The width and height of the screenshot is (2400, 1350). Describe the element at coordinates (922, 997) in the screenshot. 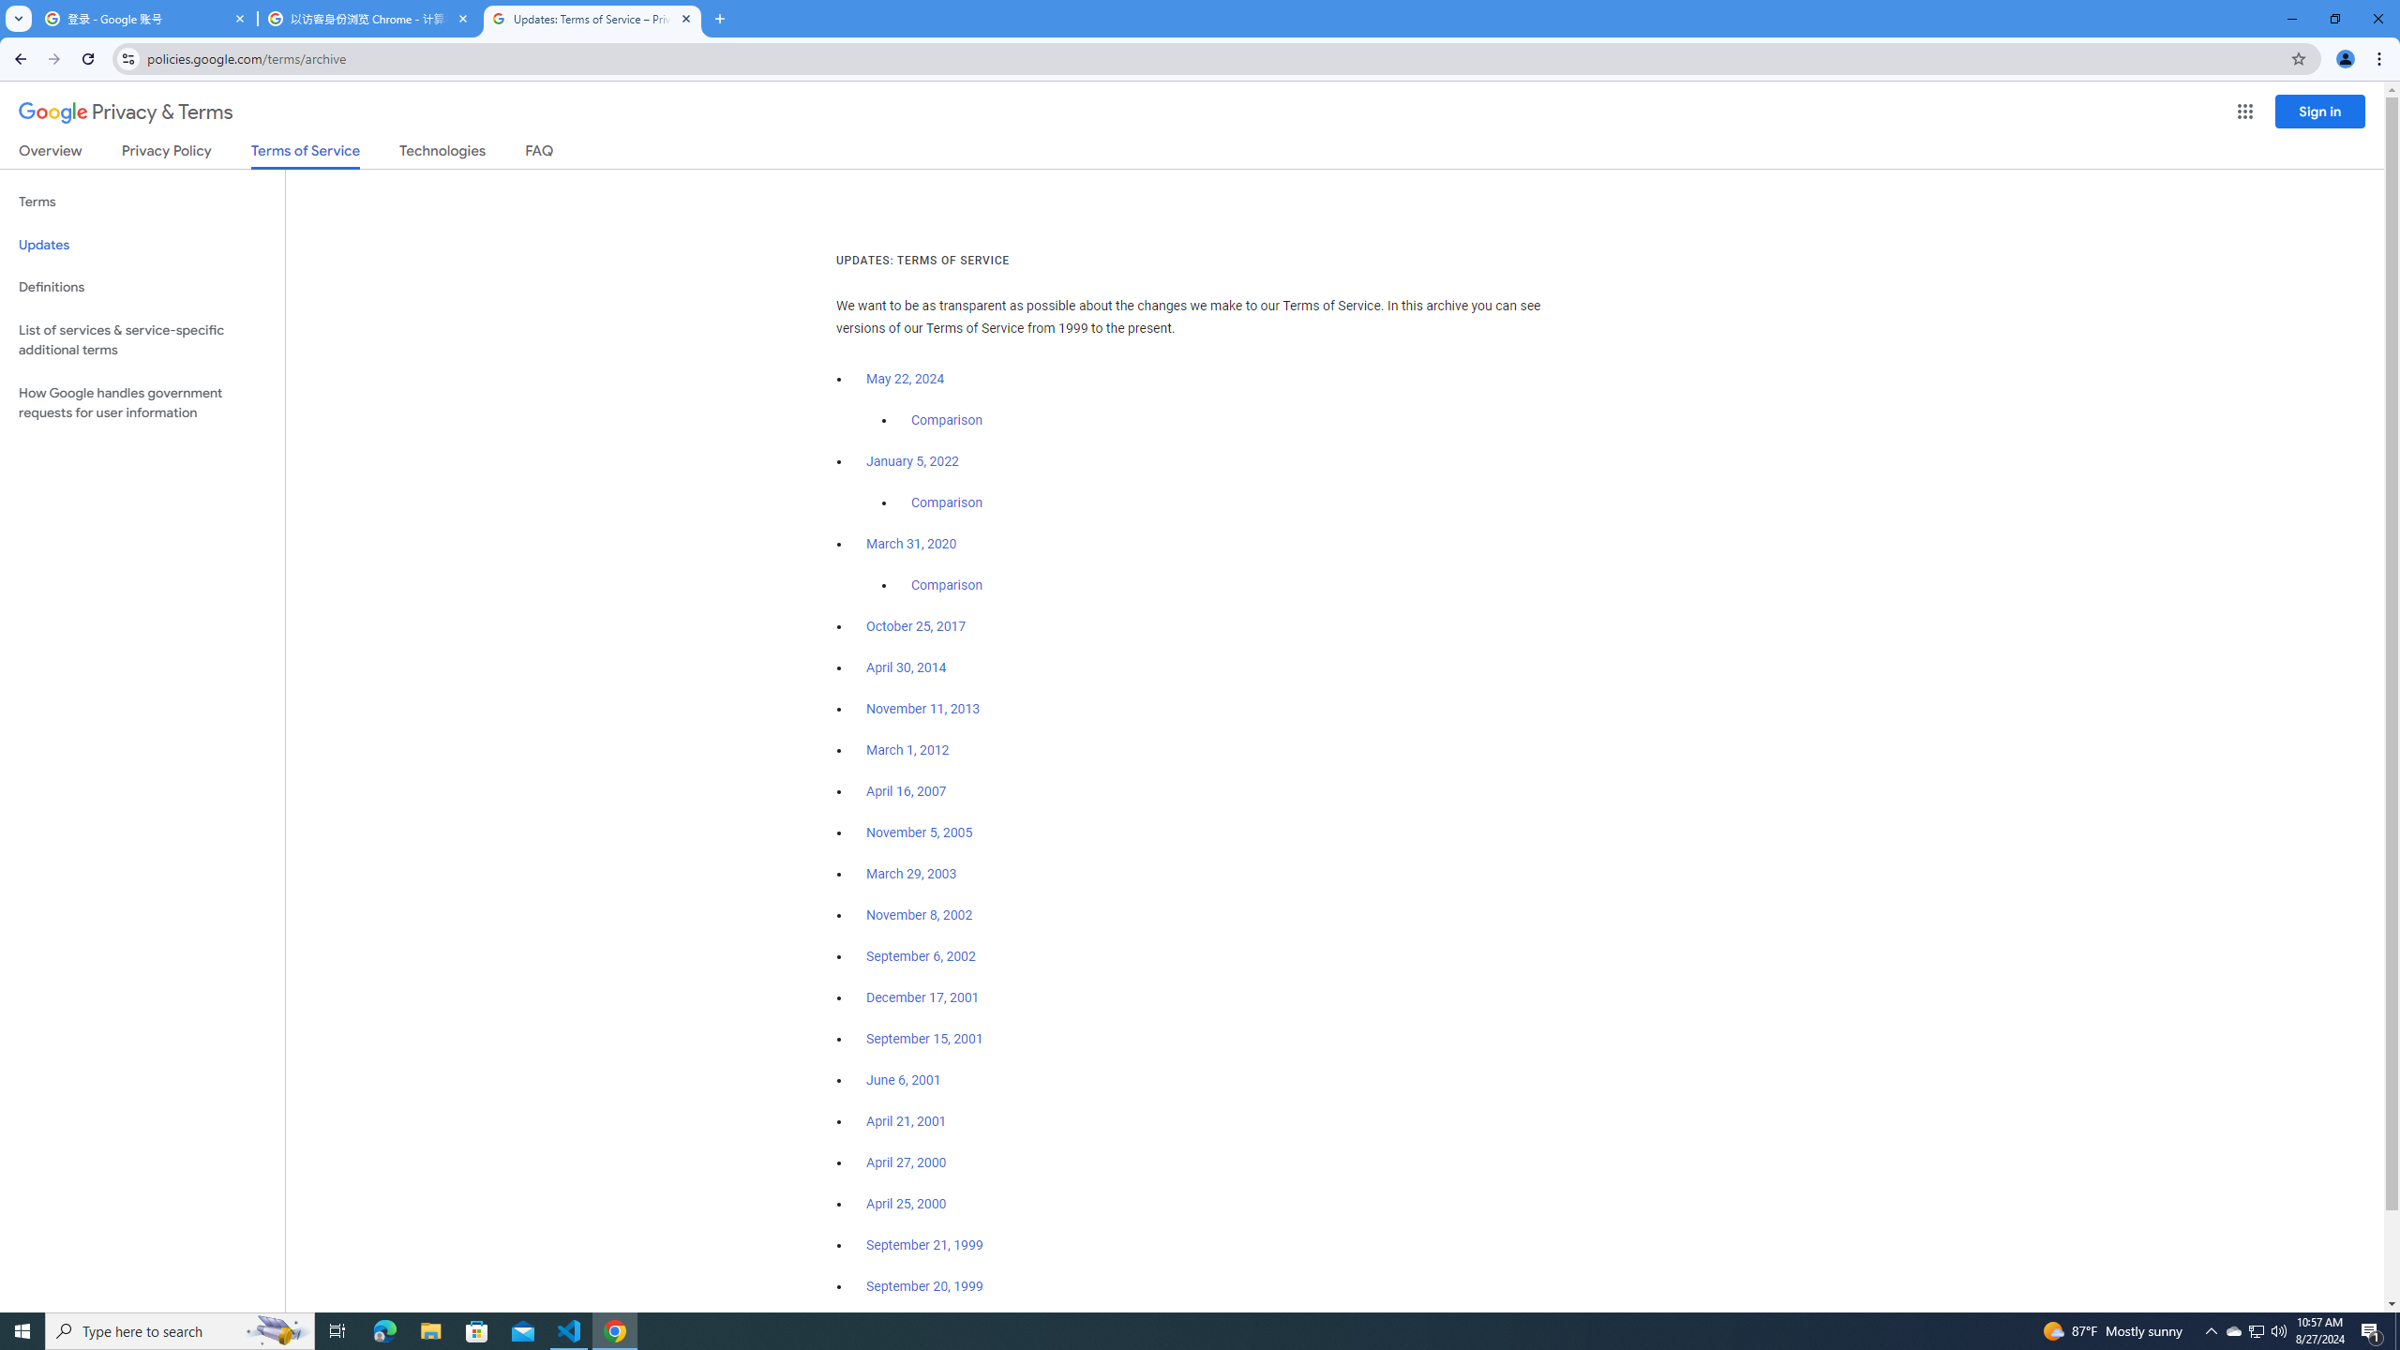

I see `'December 17, 2001'` at that location.